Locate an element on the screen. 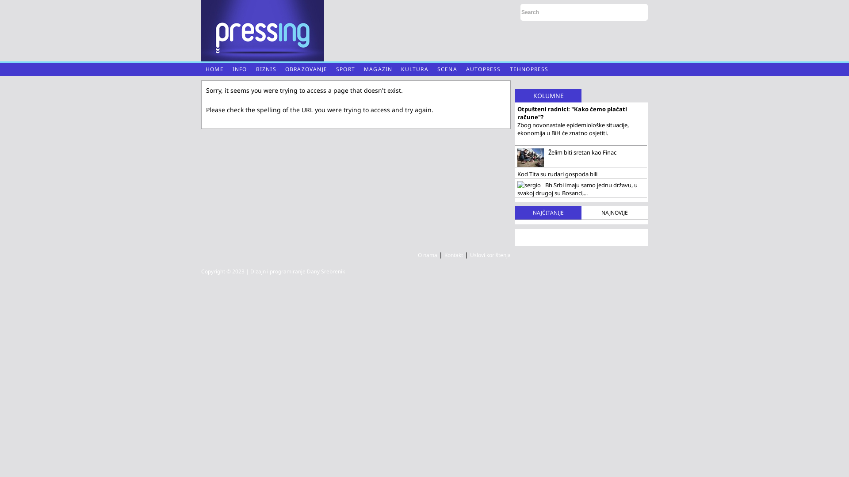  'TEHNOPRESS' is located at coordinates (529, 69).